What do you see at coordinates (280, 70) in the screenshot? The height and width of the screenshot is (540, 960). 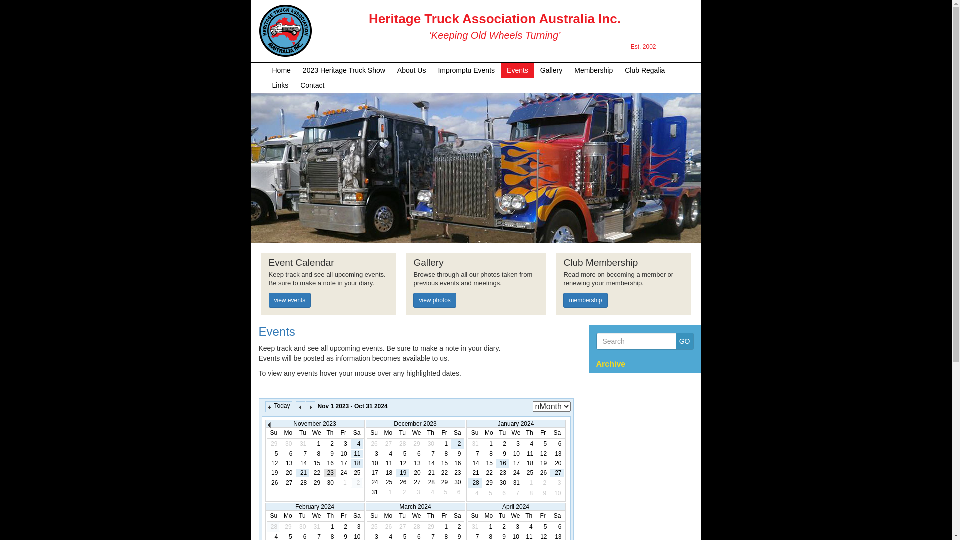 I see `'Home'` at bounding box center [280, 70].